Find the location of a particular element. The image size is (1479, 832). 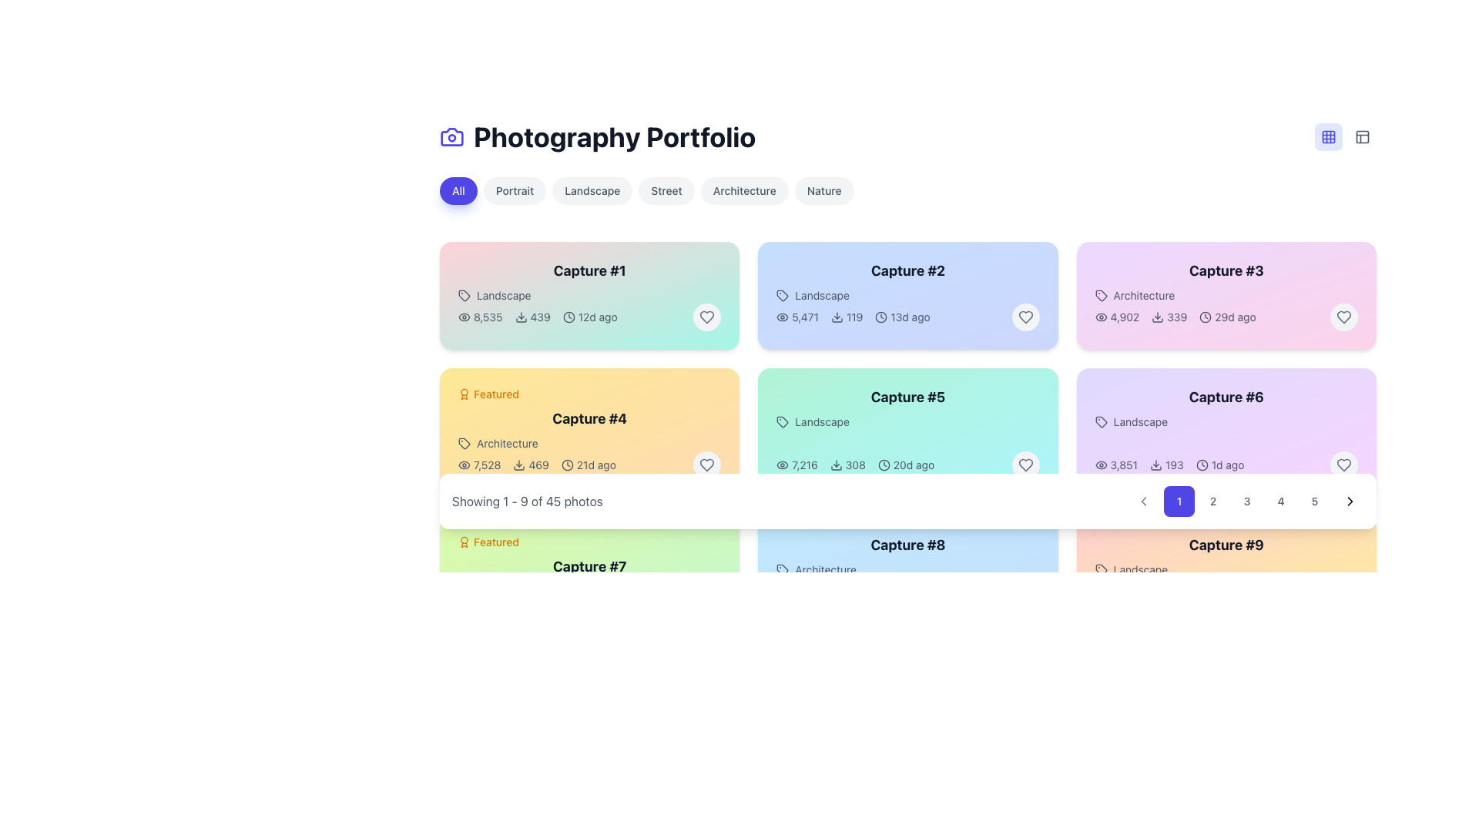

timestamp label '29d ago' located next to the clock icon in the bottom-right corner of the 'Capture #3' entry, beneath the 'Architecture' tag is located at coordinates (1226, 317).